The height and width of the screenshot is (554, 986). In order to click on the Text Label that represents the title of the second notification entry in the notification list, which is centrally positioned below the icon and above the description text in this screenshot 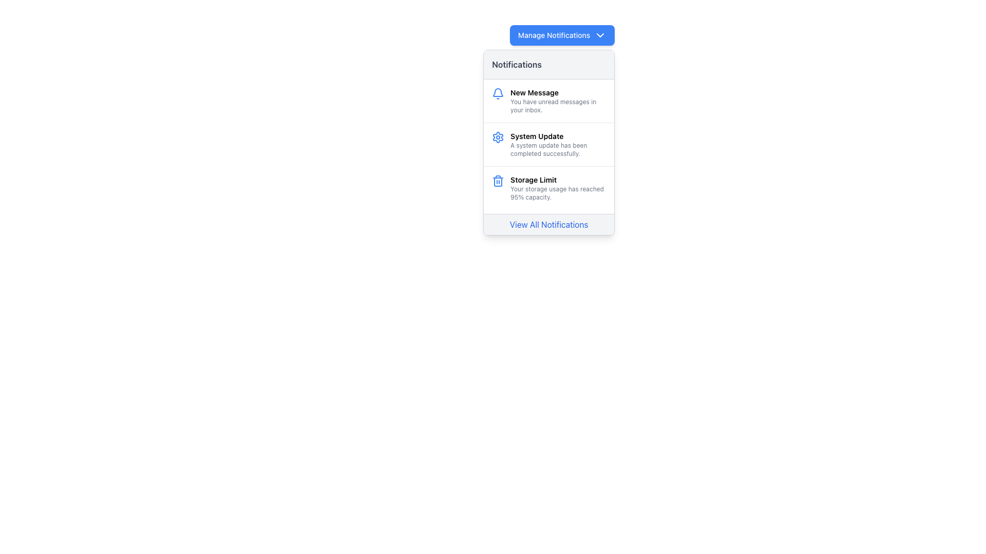, I will do `click(558, 136)`.